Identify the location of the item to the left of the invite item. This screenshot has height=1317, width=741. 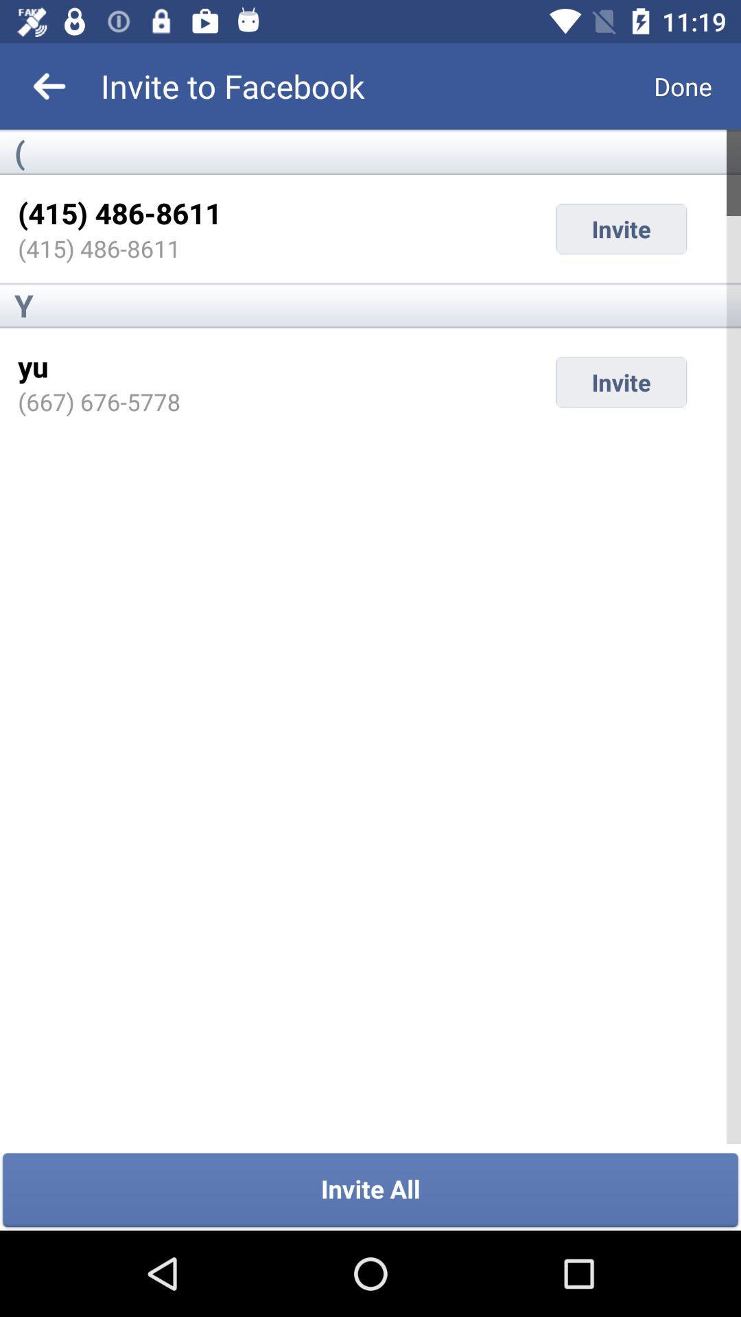
(98, 401).